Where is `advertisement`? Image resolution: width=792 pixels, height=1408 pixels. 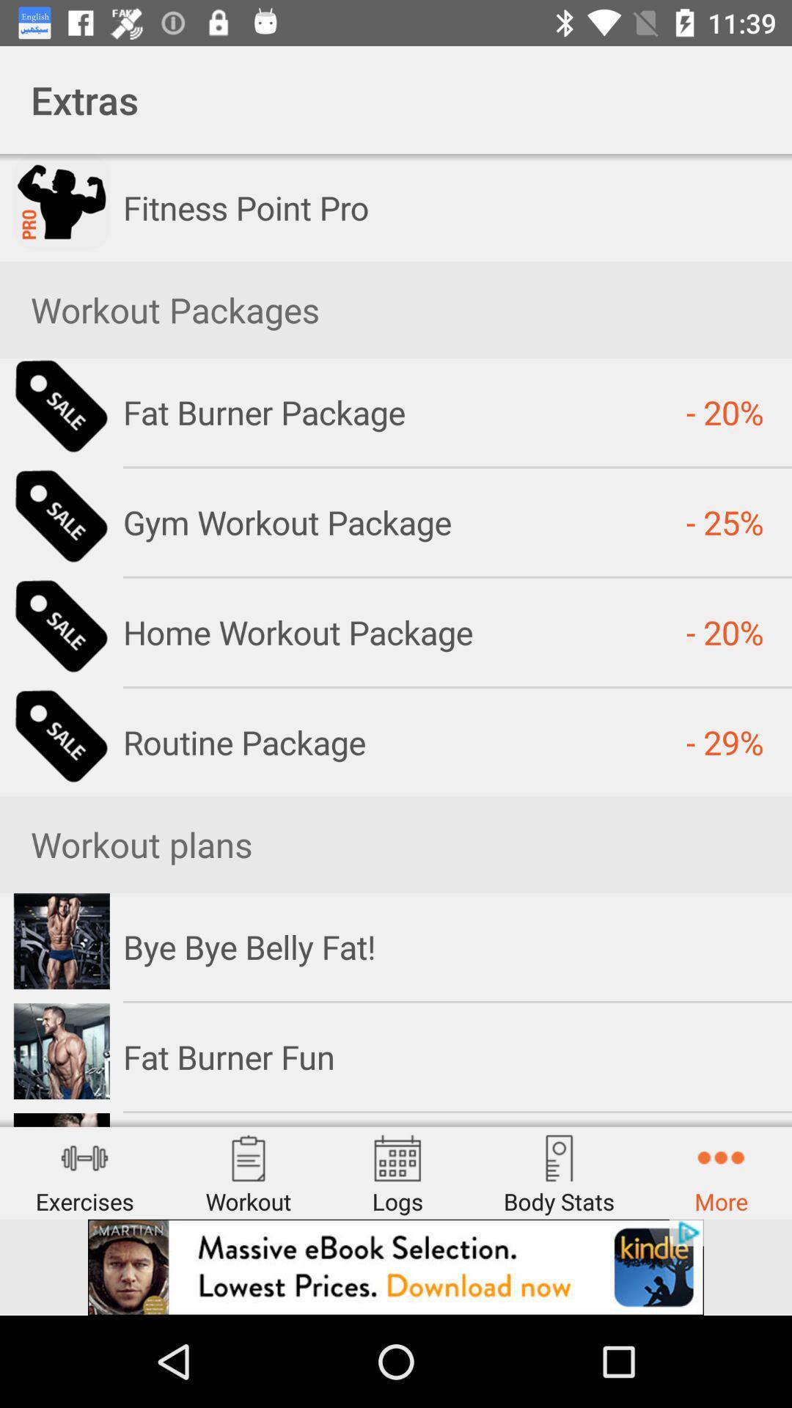 advertisement is located at coordinates (396, 1266).